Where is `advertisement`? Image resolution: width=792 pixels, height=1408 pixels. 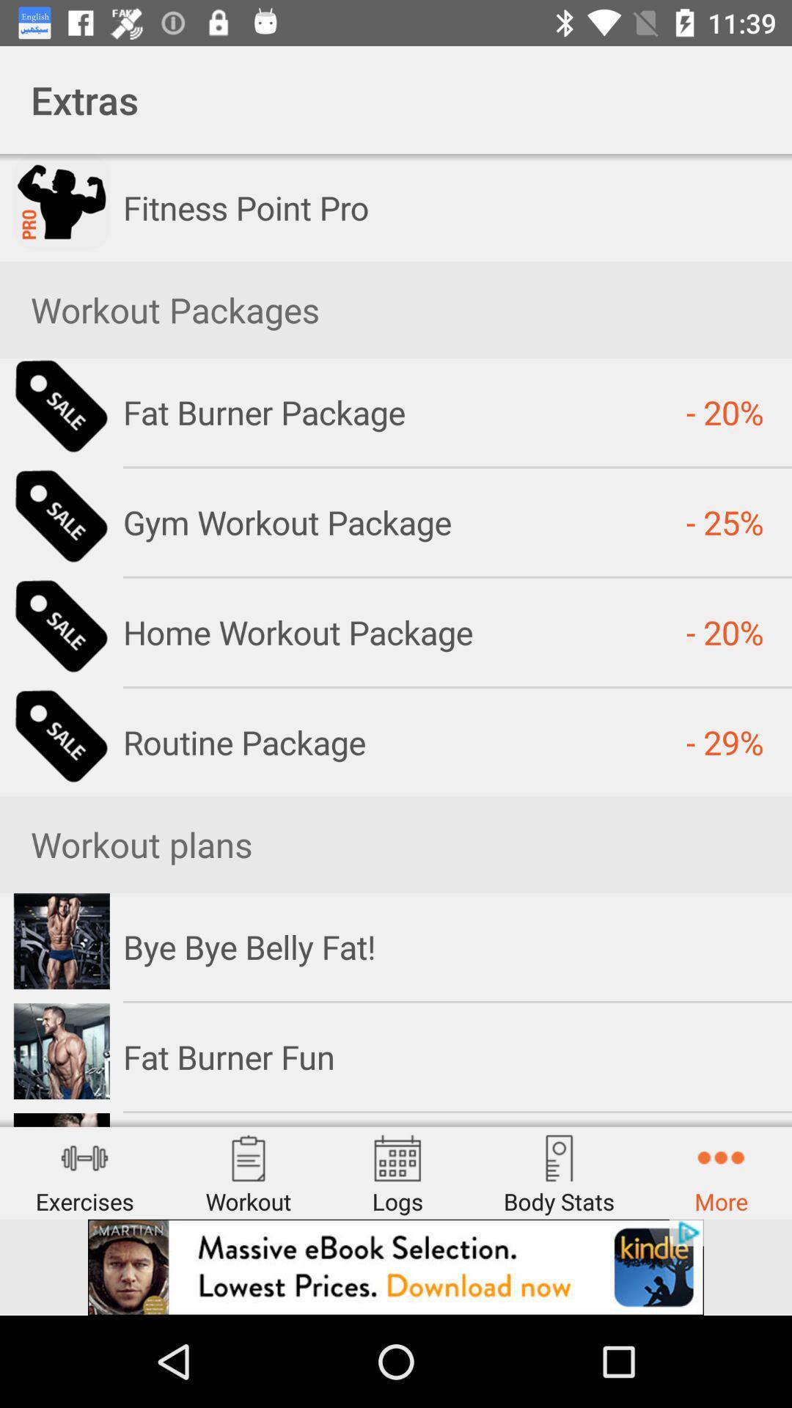 advertisement is located at coordinates (396, 1266).